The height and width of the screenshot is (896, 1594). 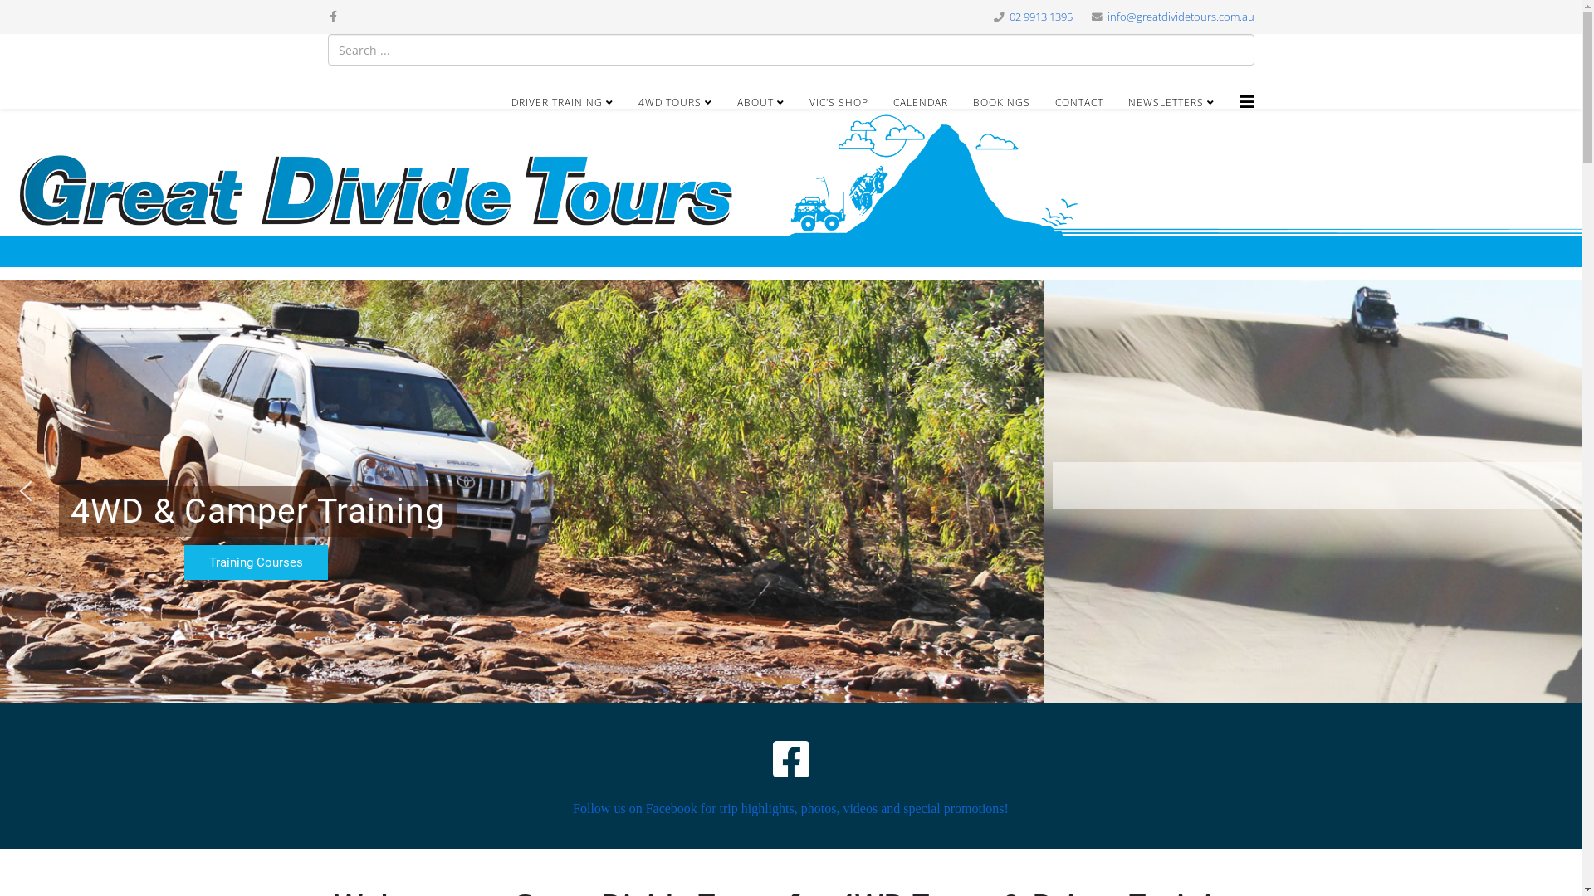 What do you see at coordinates (675, 102) in the screenshot?
I see `'4WD TOURS'` at bounding box center [675, 102].